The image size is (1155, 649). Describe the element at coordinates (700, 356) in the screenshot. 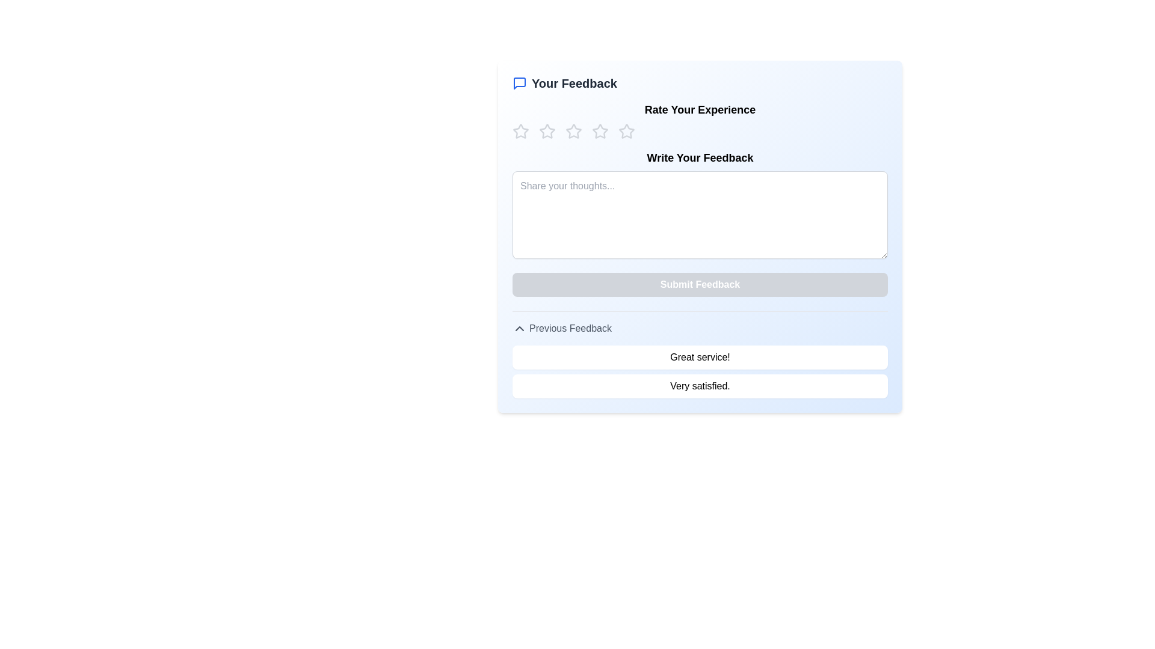

I see `the static text display component that shows user feedback, located in the 'Previous Feedback' section, specifically the first item above 'Very satisfied.'` at that location.